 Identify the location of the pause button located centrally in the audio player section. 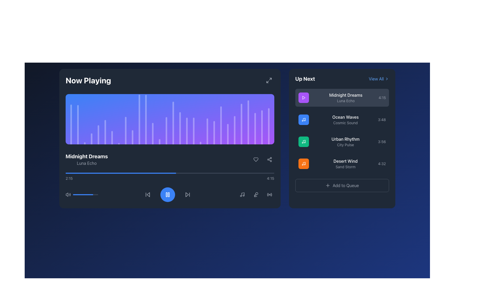
(167, 195).